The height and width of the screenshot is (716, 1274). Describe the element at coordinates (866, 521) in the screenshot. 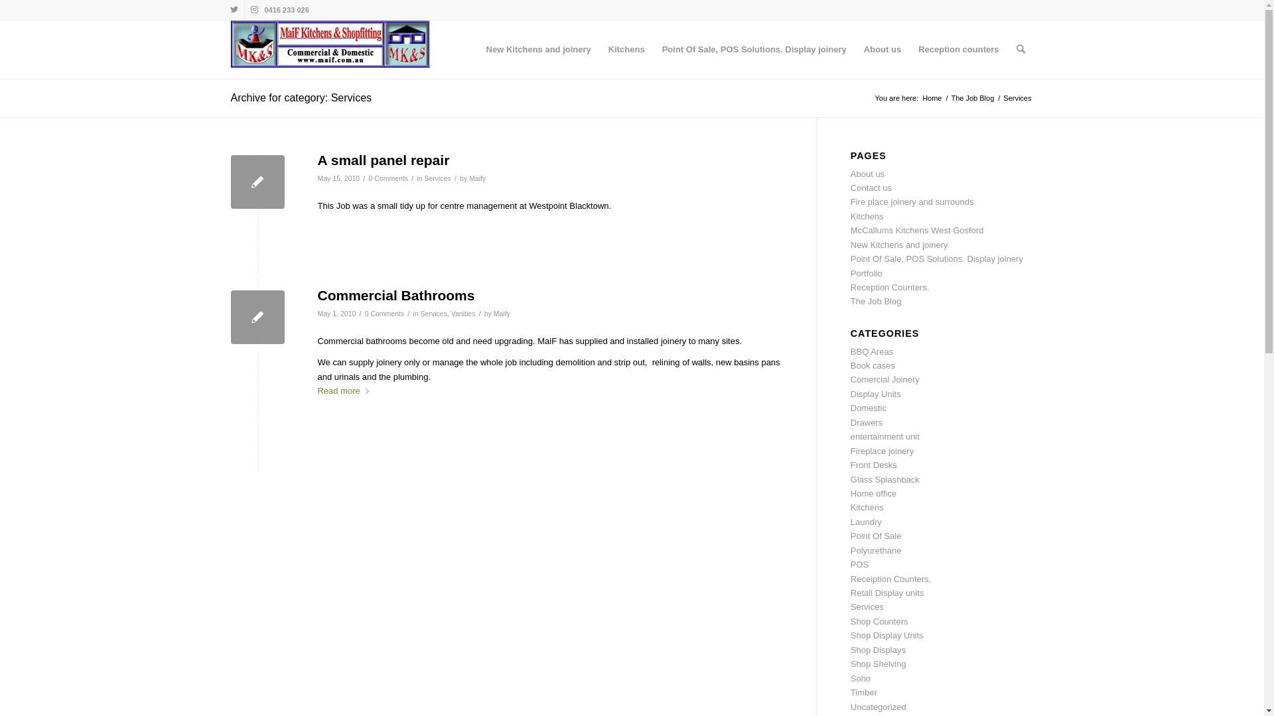

I see `'Laundry'` at that location.